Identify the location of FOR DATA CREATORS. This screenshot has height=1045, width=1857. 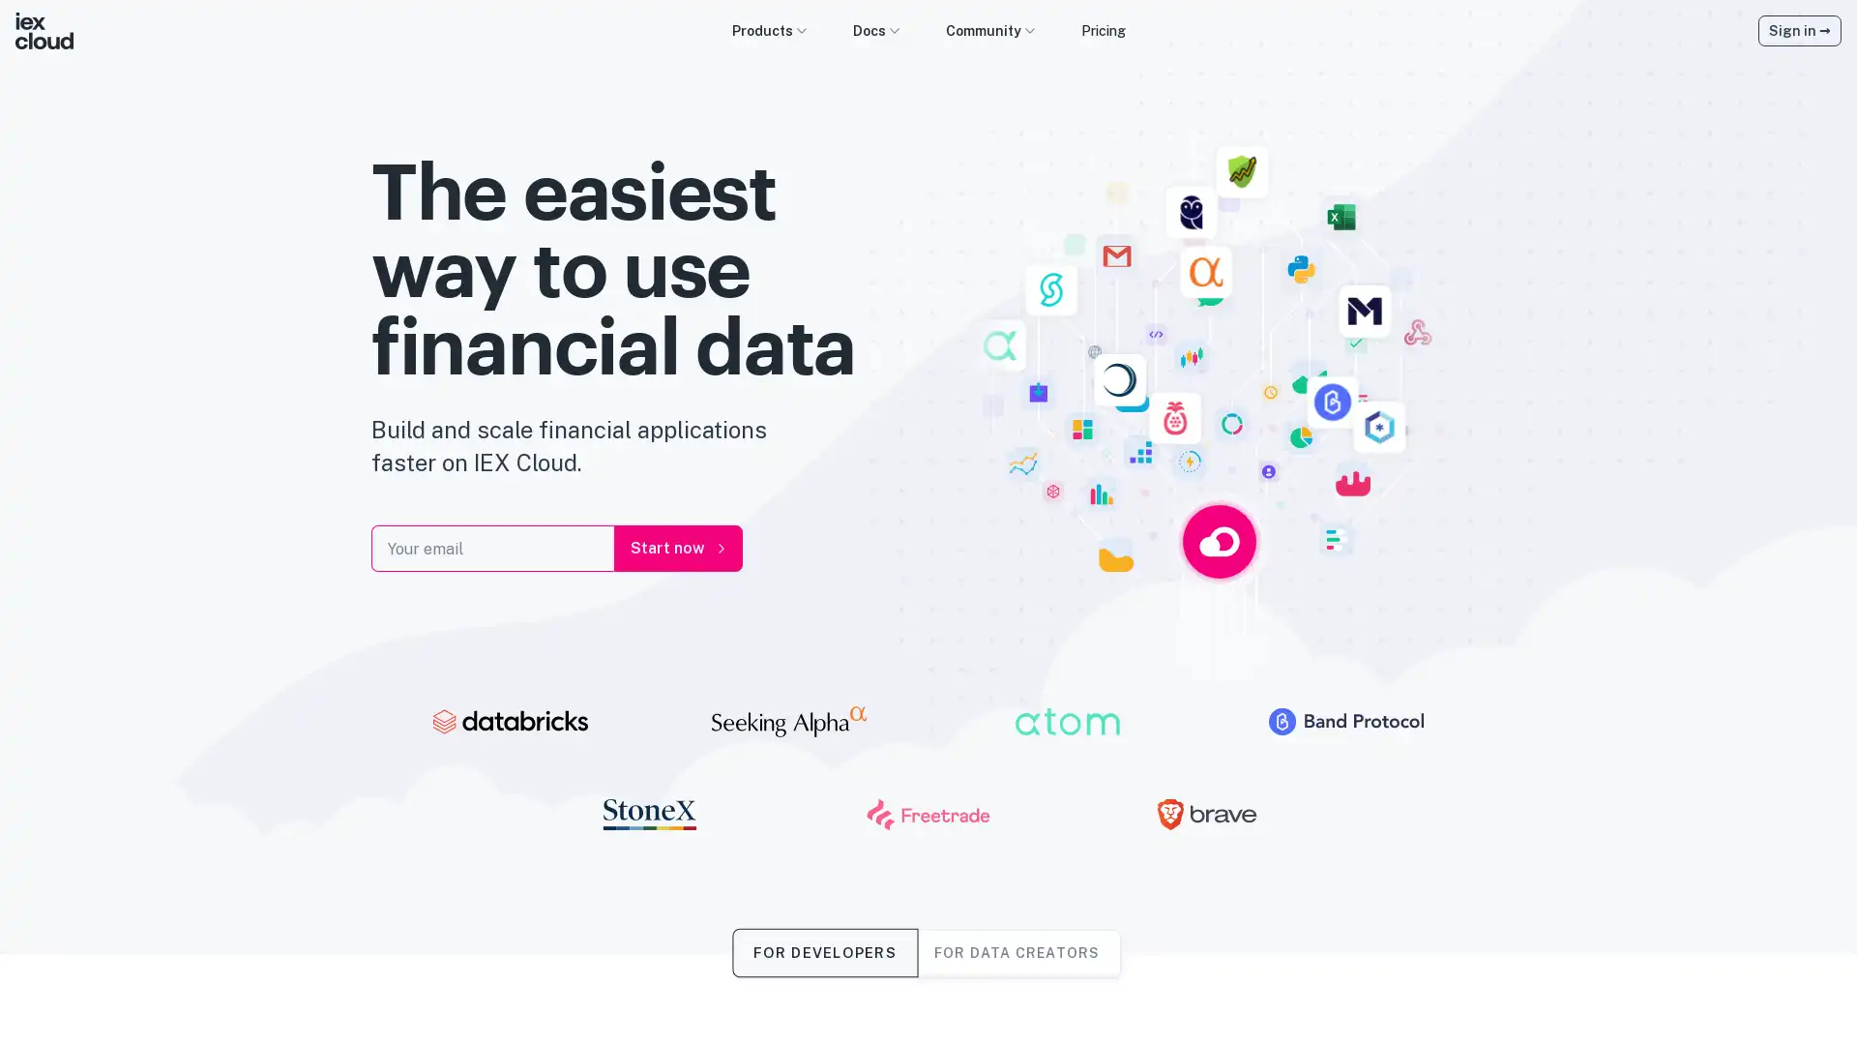
(1016, 951).